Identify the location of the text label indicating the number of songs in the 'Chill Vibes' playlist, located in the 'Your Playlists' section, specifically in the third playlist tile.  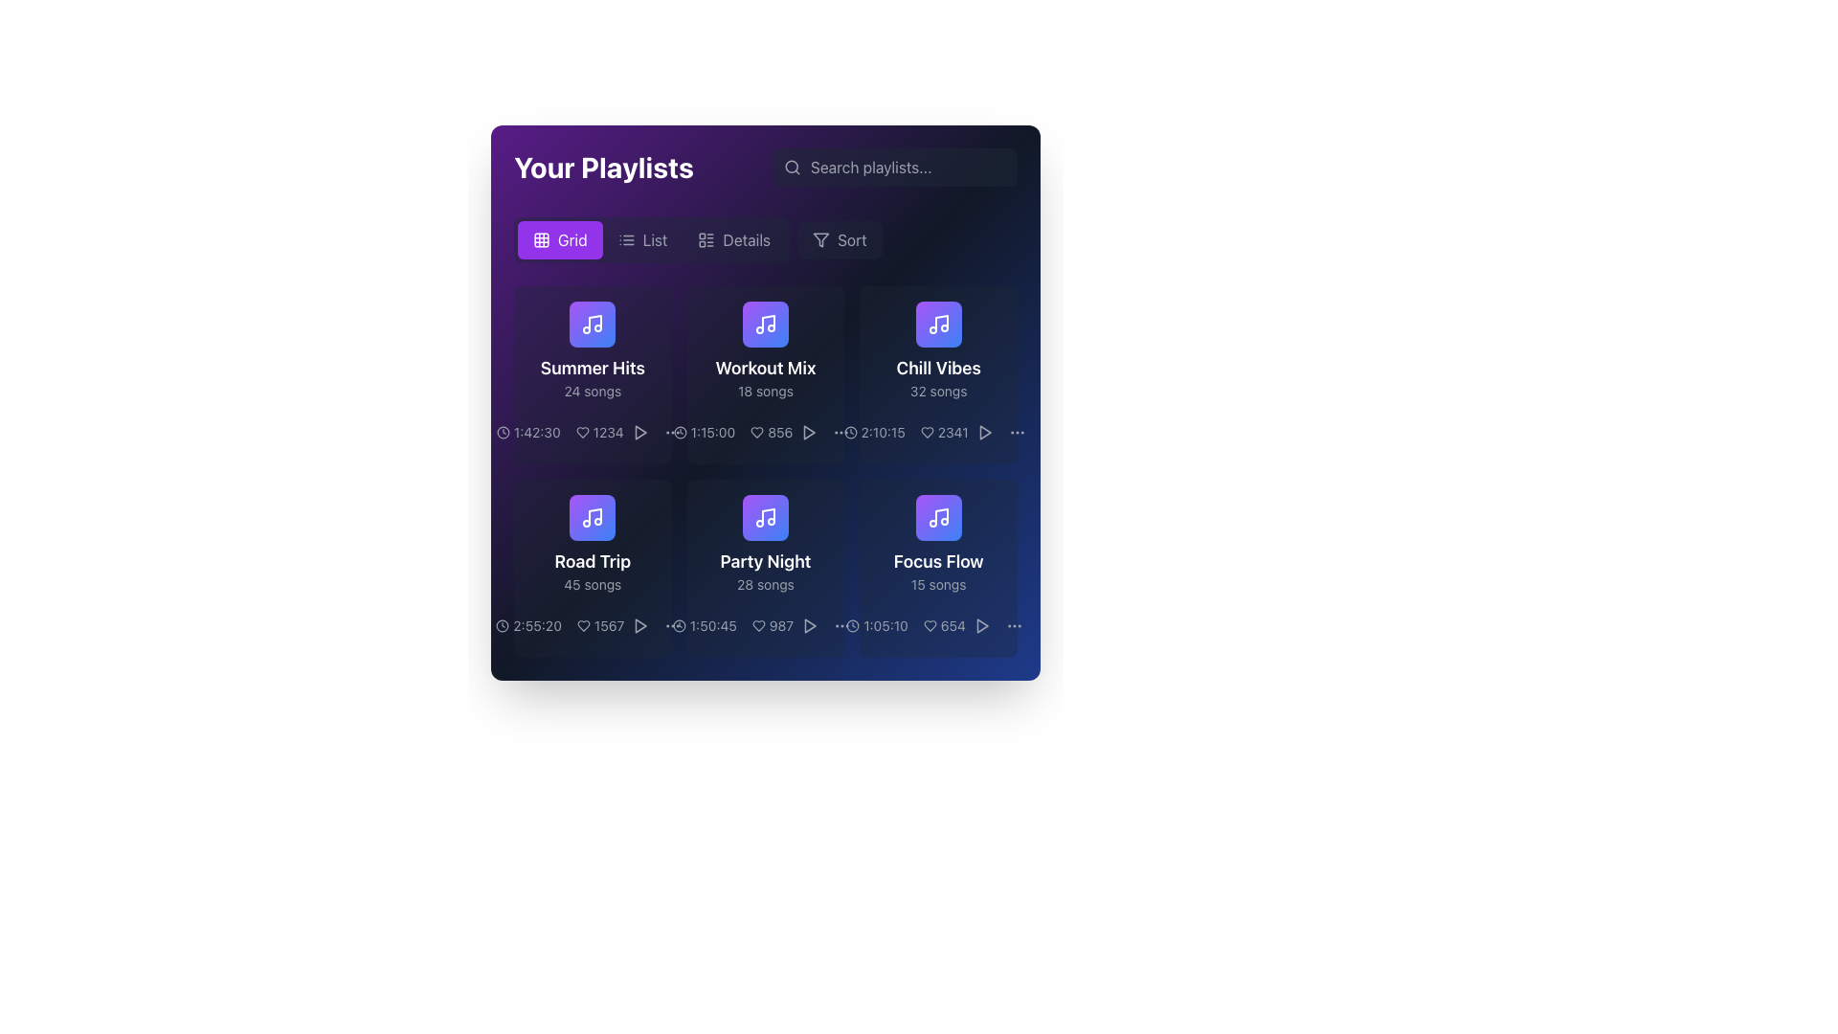
(938, 390).